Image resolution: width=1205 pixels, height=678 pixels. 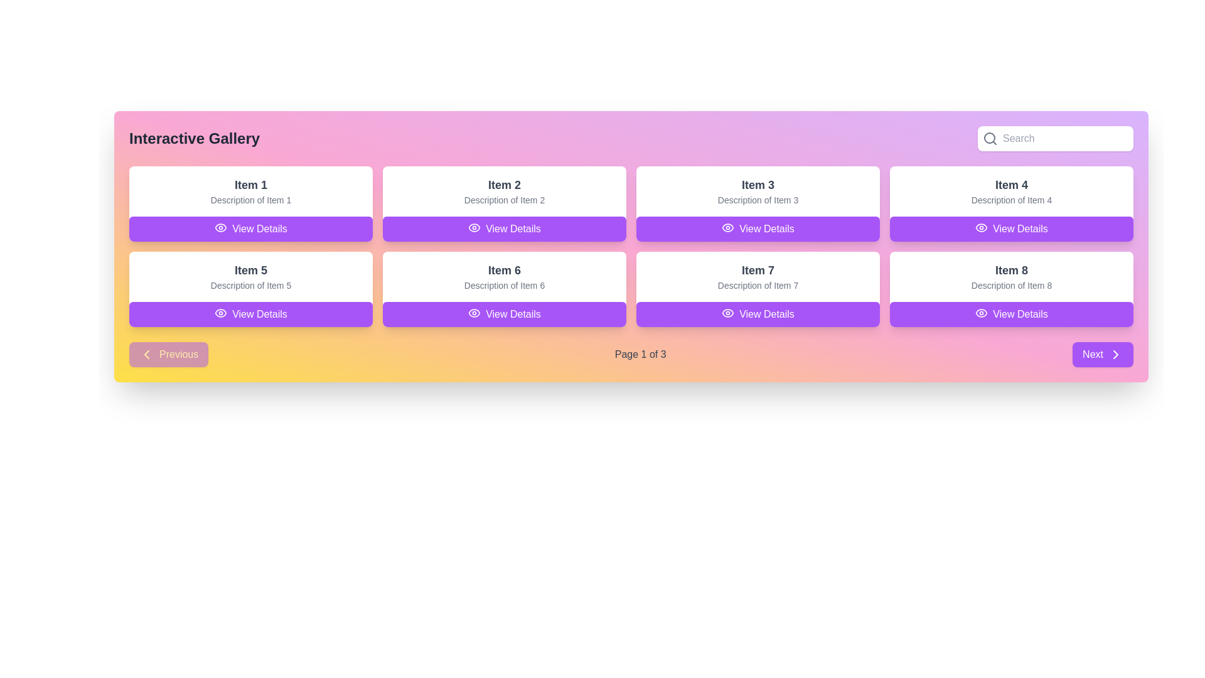 I want to click on the search icon styled with a magnifying glass located at the upper right corner of the interface in the search bar component to potentially display a tooltip, so click(x=990, y=138).